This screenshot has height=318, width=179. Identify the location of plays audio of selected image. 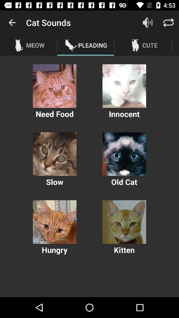
(124, 85).